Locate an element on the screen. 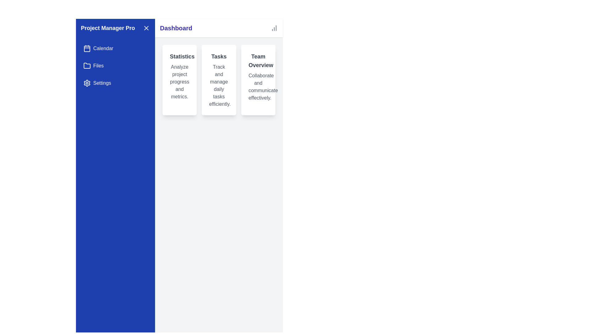  the label for the calendar section in the navigation menu is located at coordinates (103, 48).